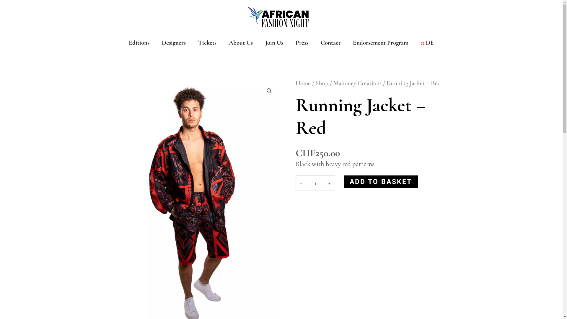  Describe the element at coordinates (381, 43) in the screenshot. I see `'Endorsement Program'` at that location.